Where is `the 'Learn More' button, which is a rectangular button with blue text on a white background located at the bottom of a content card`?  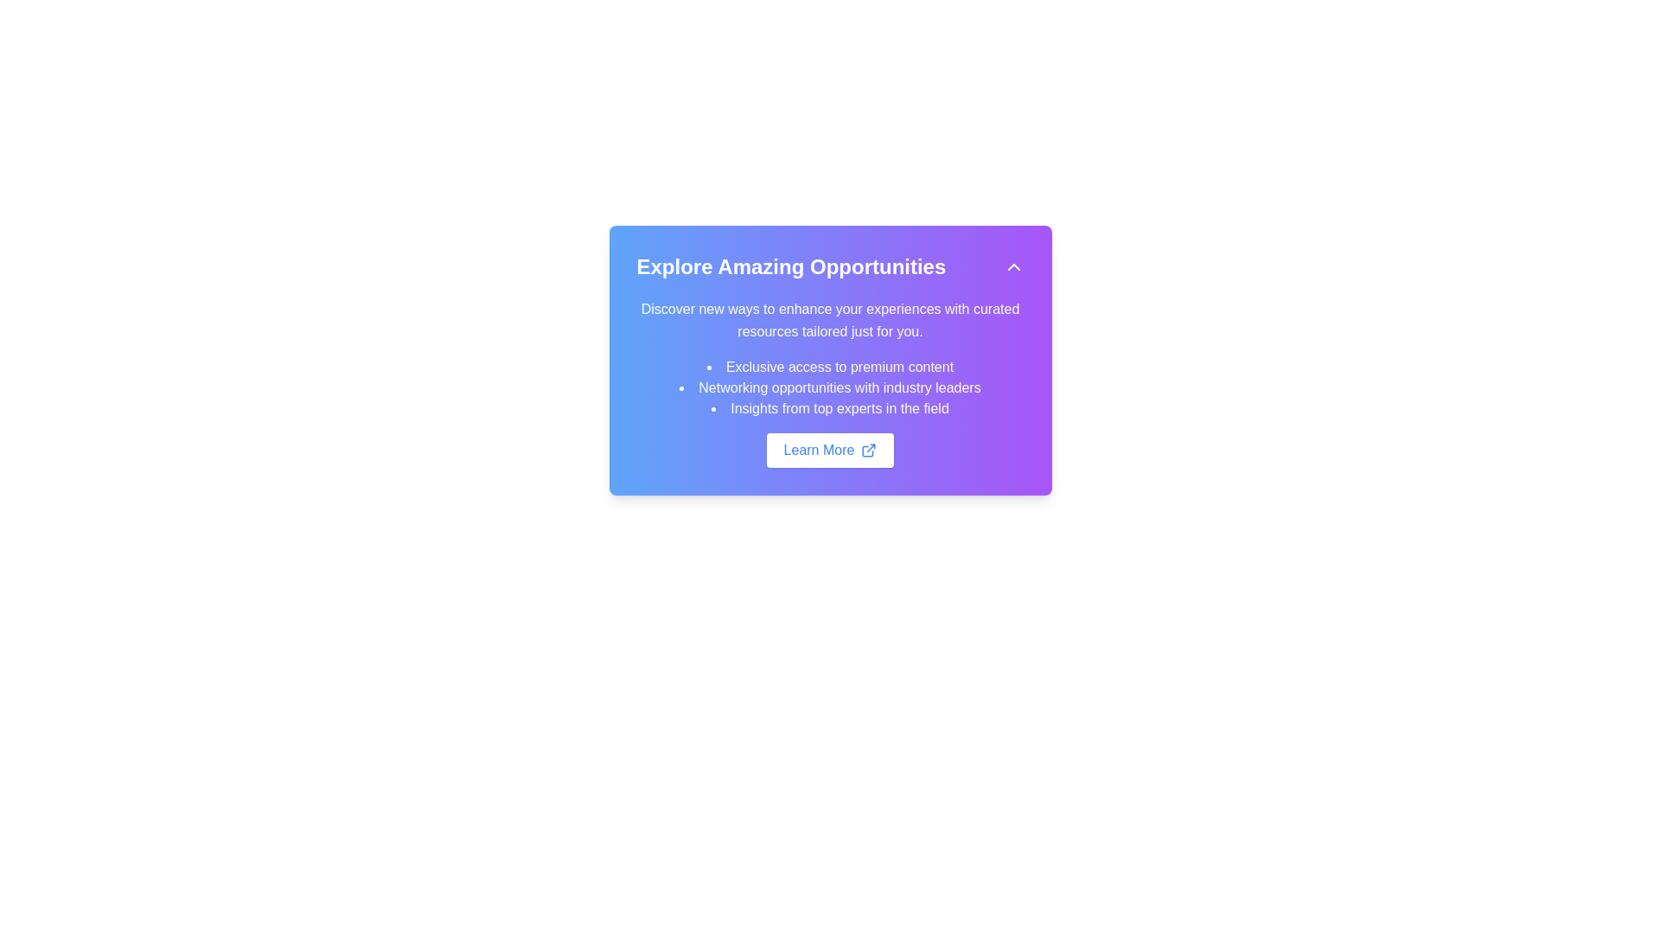 the 'Learn More' button, which is a rectangular button with blue text on a white background located at the bottom of a content card is located at coordinates (830, 449).